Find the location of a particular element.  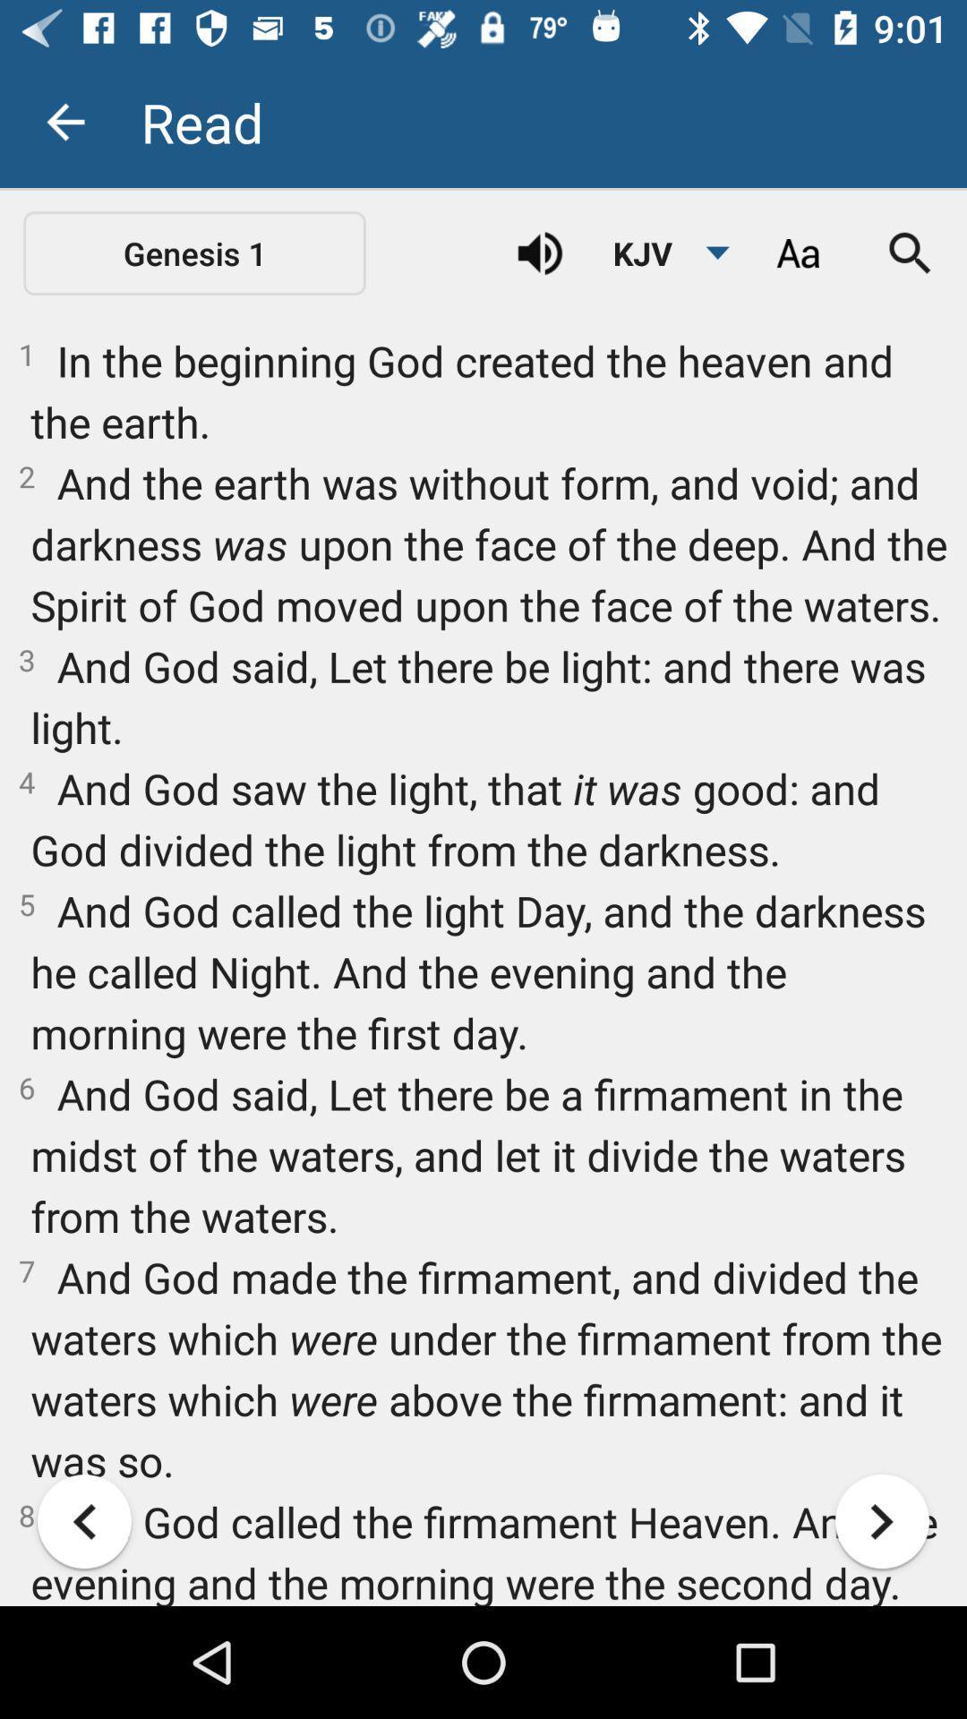

got to previous is located at coordinates (84, 1520).